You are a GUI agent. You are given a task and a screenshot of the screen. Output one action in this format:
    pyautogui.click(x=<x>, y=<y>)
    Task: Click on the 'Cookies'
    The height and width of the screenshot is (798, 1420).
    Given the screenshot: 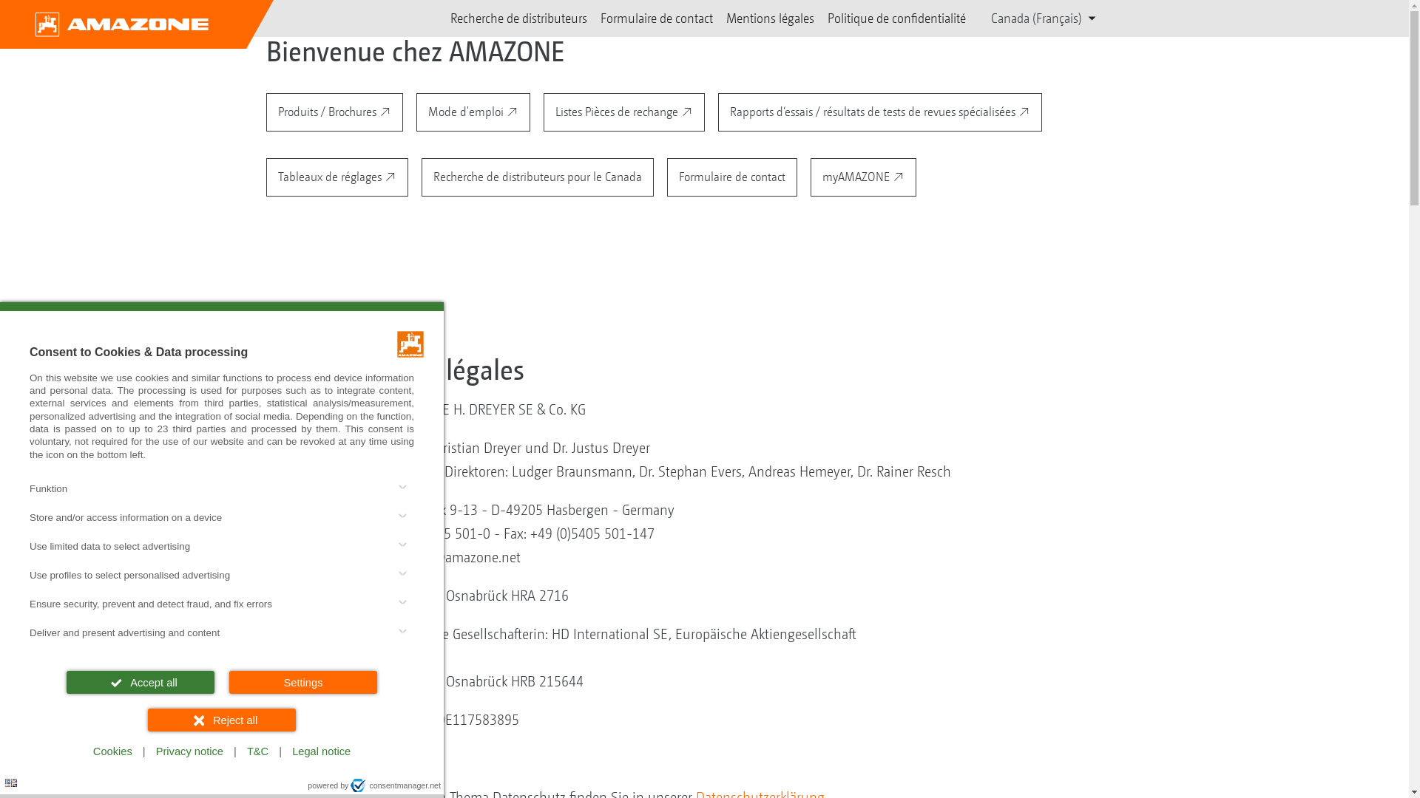 What is the action you would take?
    pyautogui.click(x=84, y=751)
    